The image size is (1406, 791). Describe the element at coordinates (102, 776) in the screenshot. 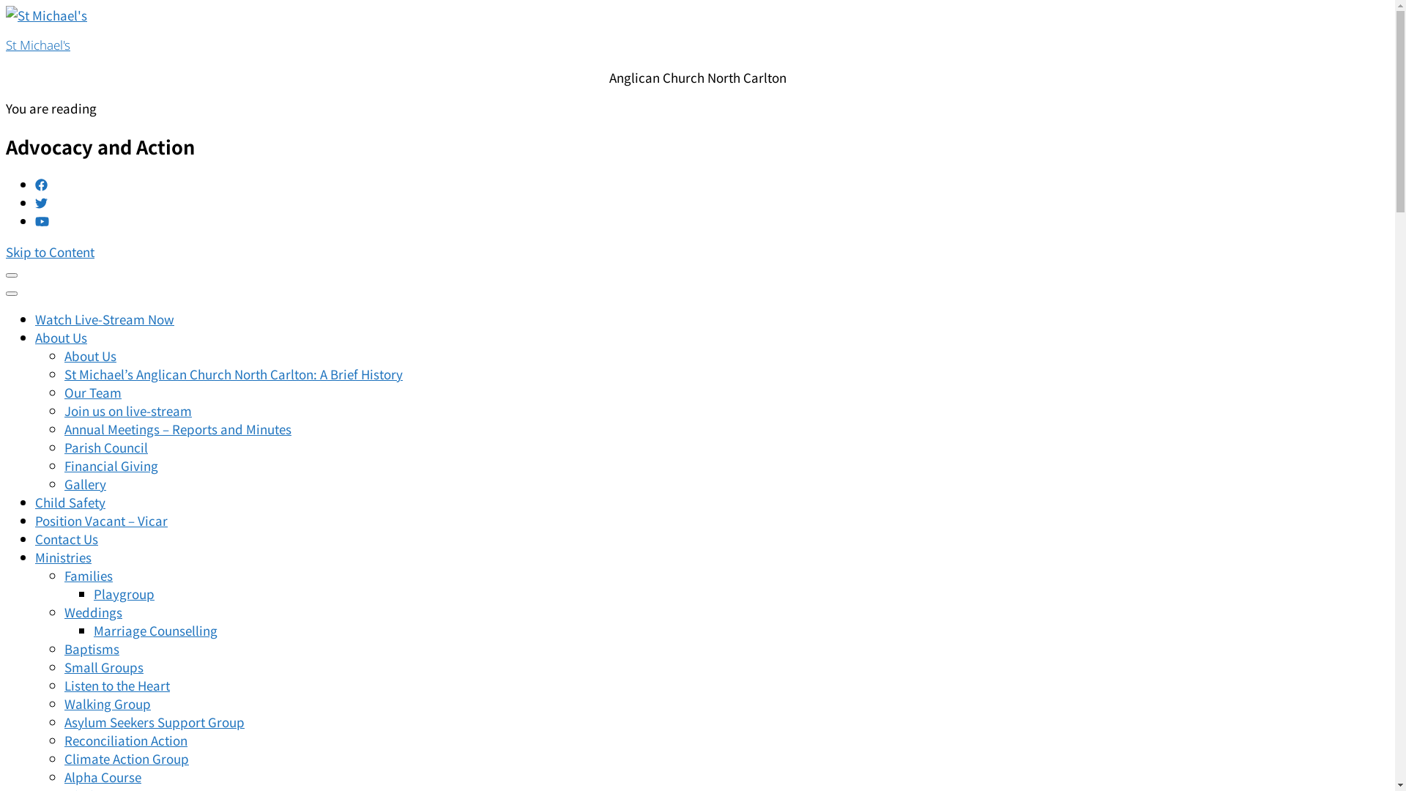

I see `'Alpha Course'` at that location.